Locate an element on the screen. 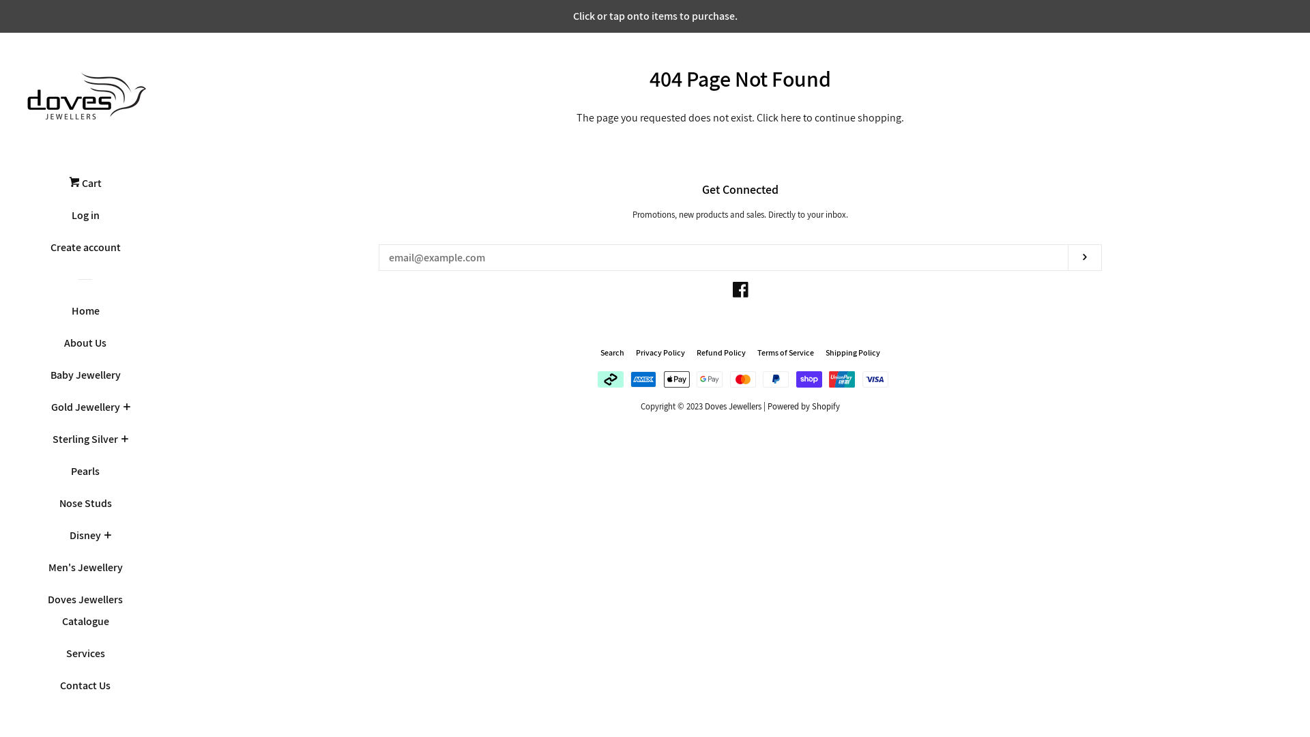  'Cart' is located at coordinates (84, 188).